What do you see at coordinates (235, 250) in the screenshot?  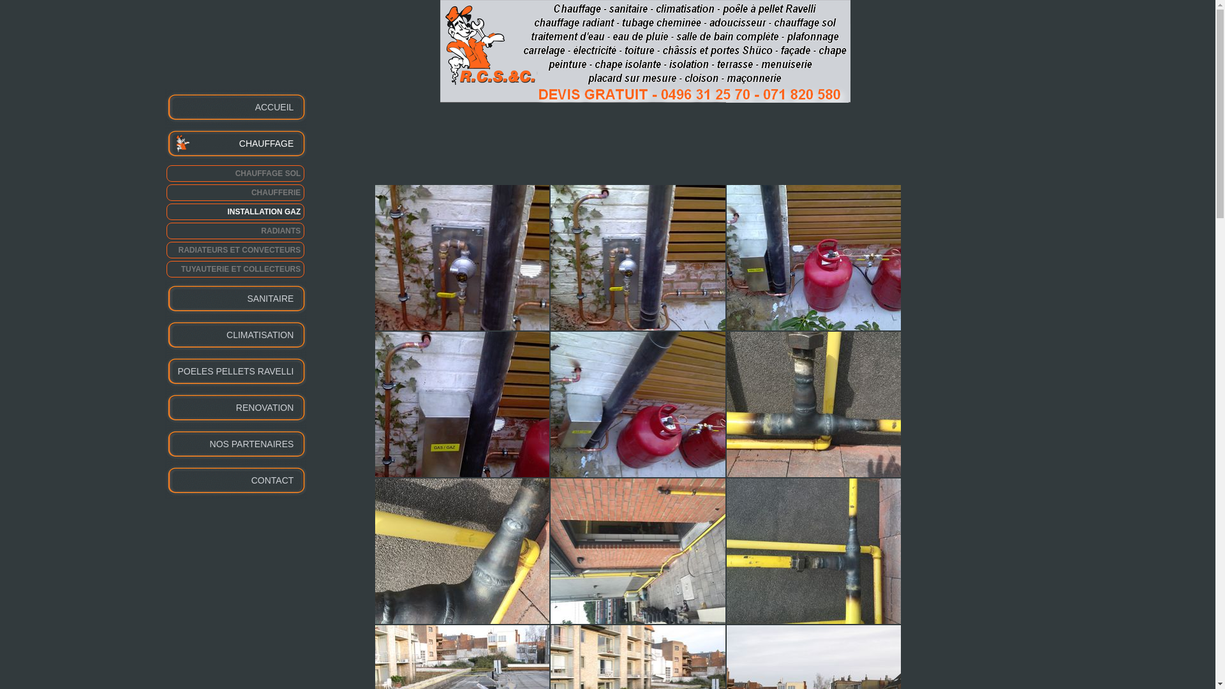 I see `'RADIATEURS ET CONVECTEURS'` at bounding box center [235, 250].